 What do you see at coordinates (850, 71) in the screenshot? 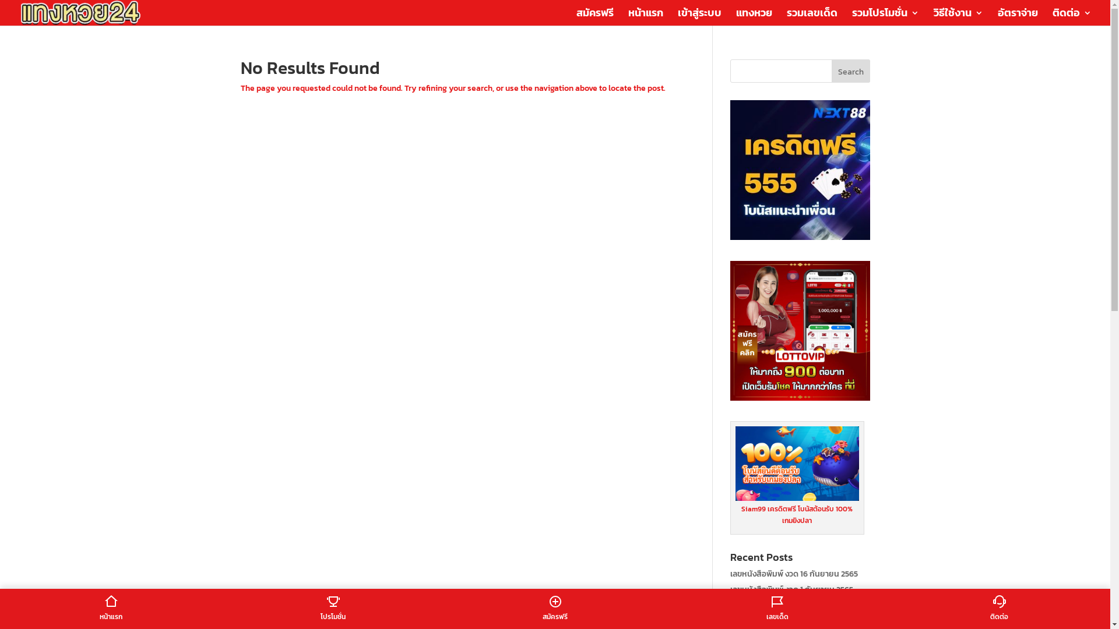
I see `'Search'` at bounding box center [850, 71].